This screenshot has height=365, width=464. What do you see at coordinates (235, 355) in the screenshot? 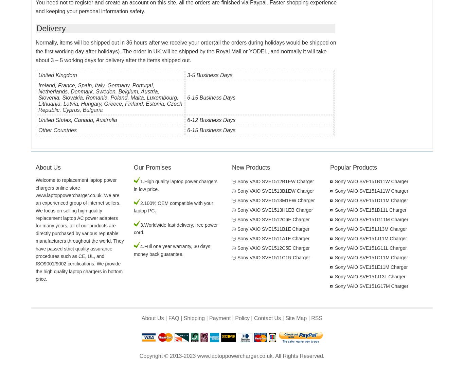
I see `'www.laptoppowercharger.co.uk'` at bounding box center [235, 355].